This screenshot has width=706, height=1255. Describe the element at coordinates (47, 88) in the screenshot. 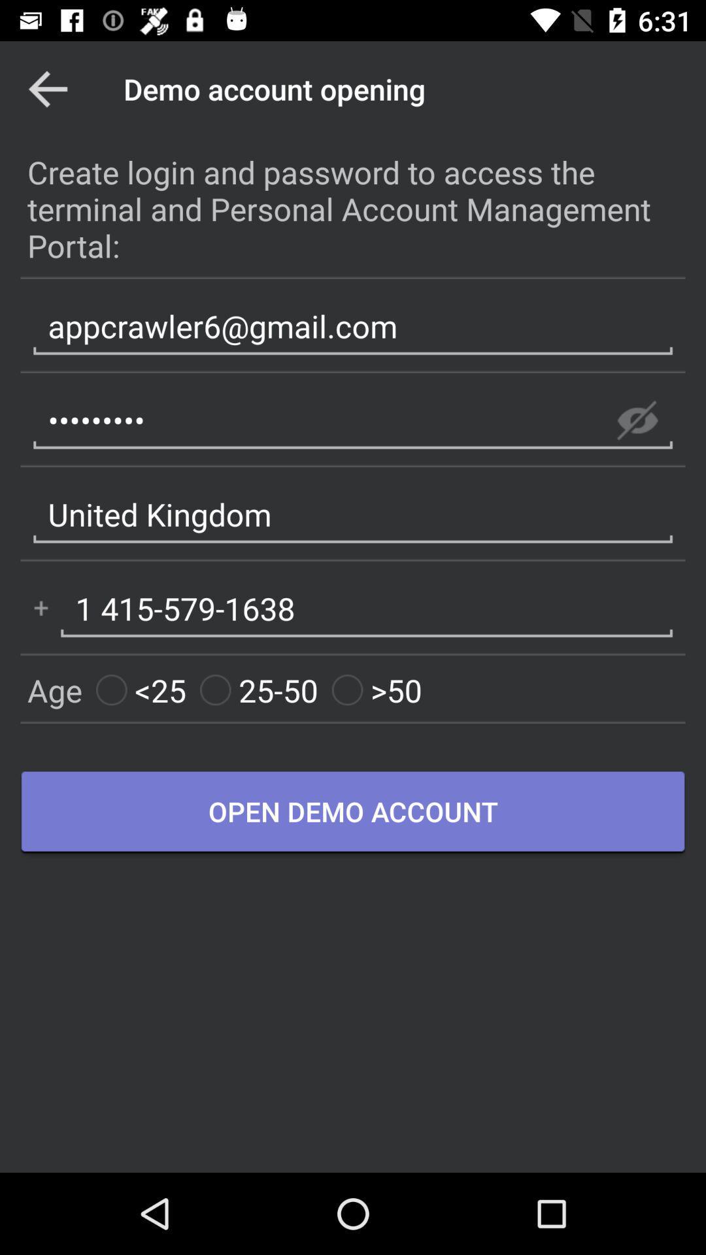

I see `icon at the top left corner` at that location.